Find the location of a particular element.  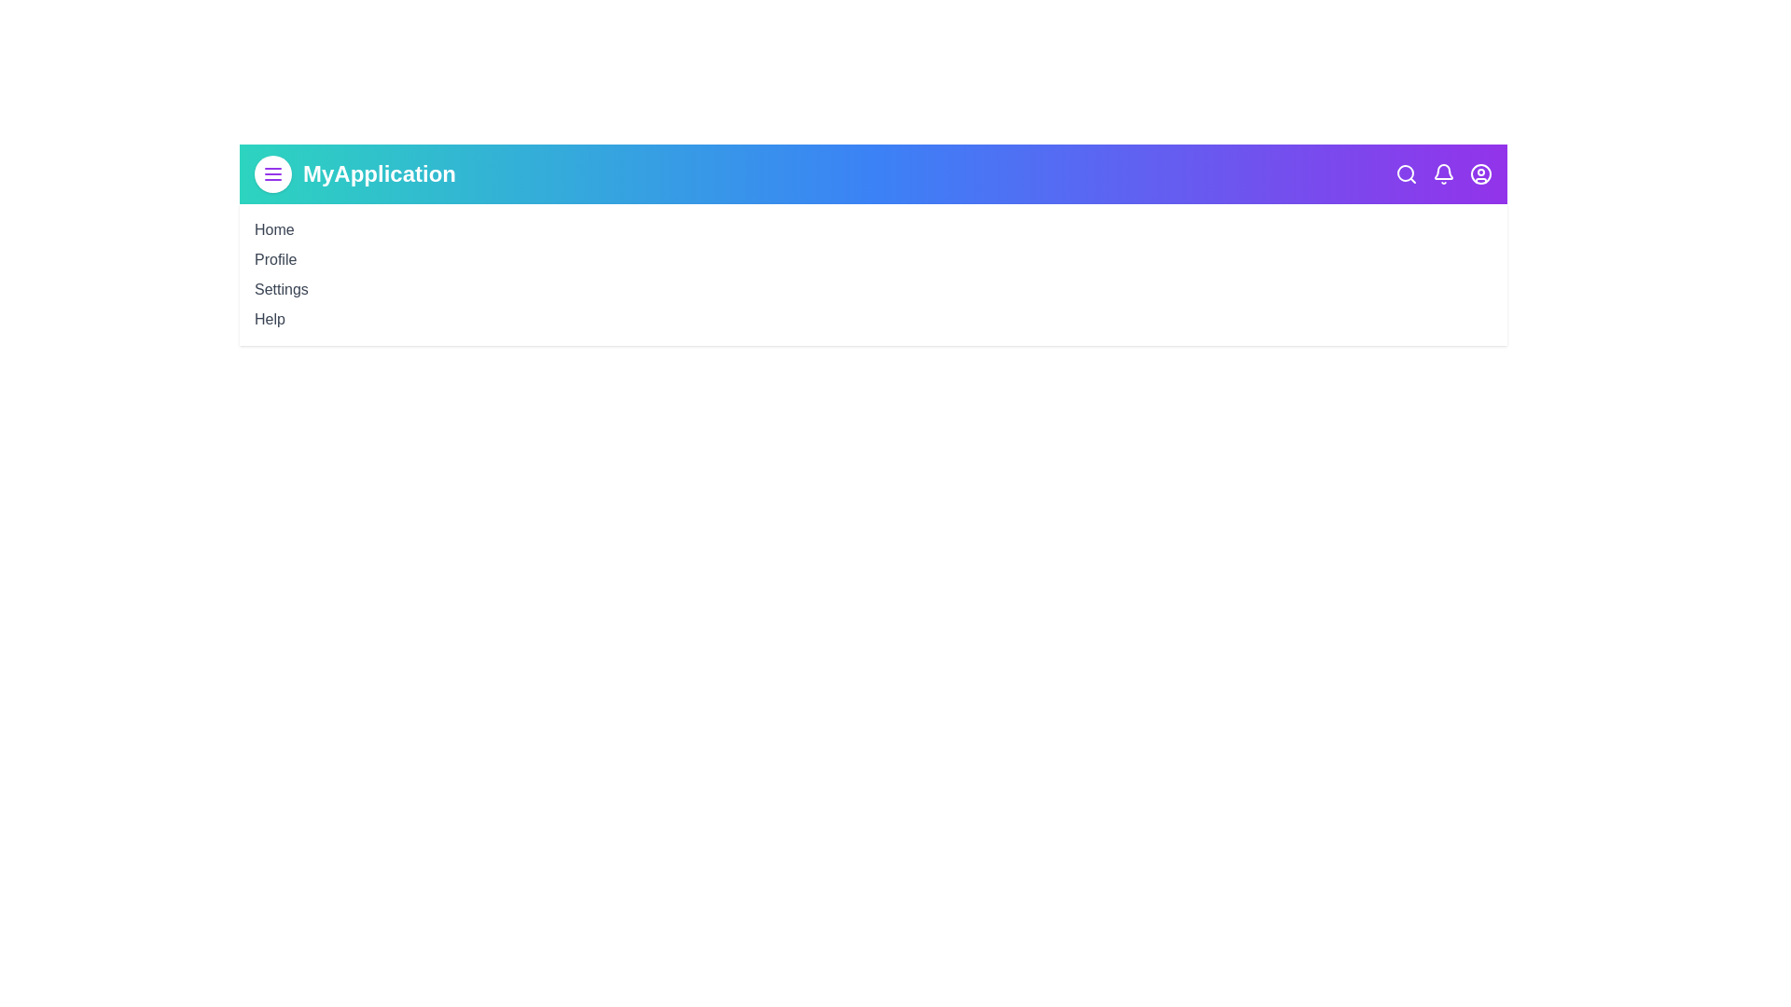

the search icon to initiate a search is located at coordinates (1406, 173).